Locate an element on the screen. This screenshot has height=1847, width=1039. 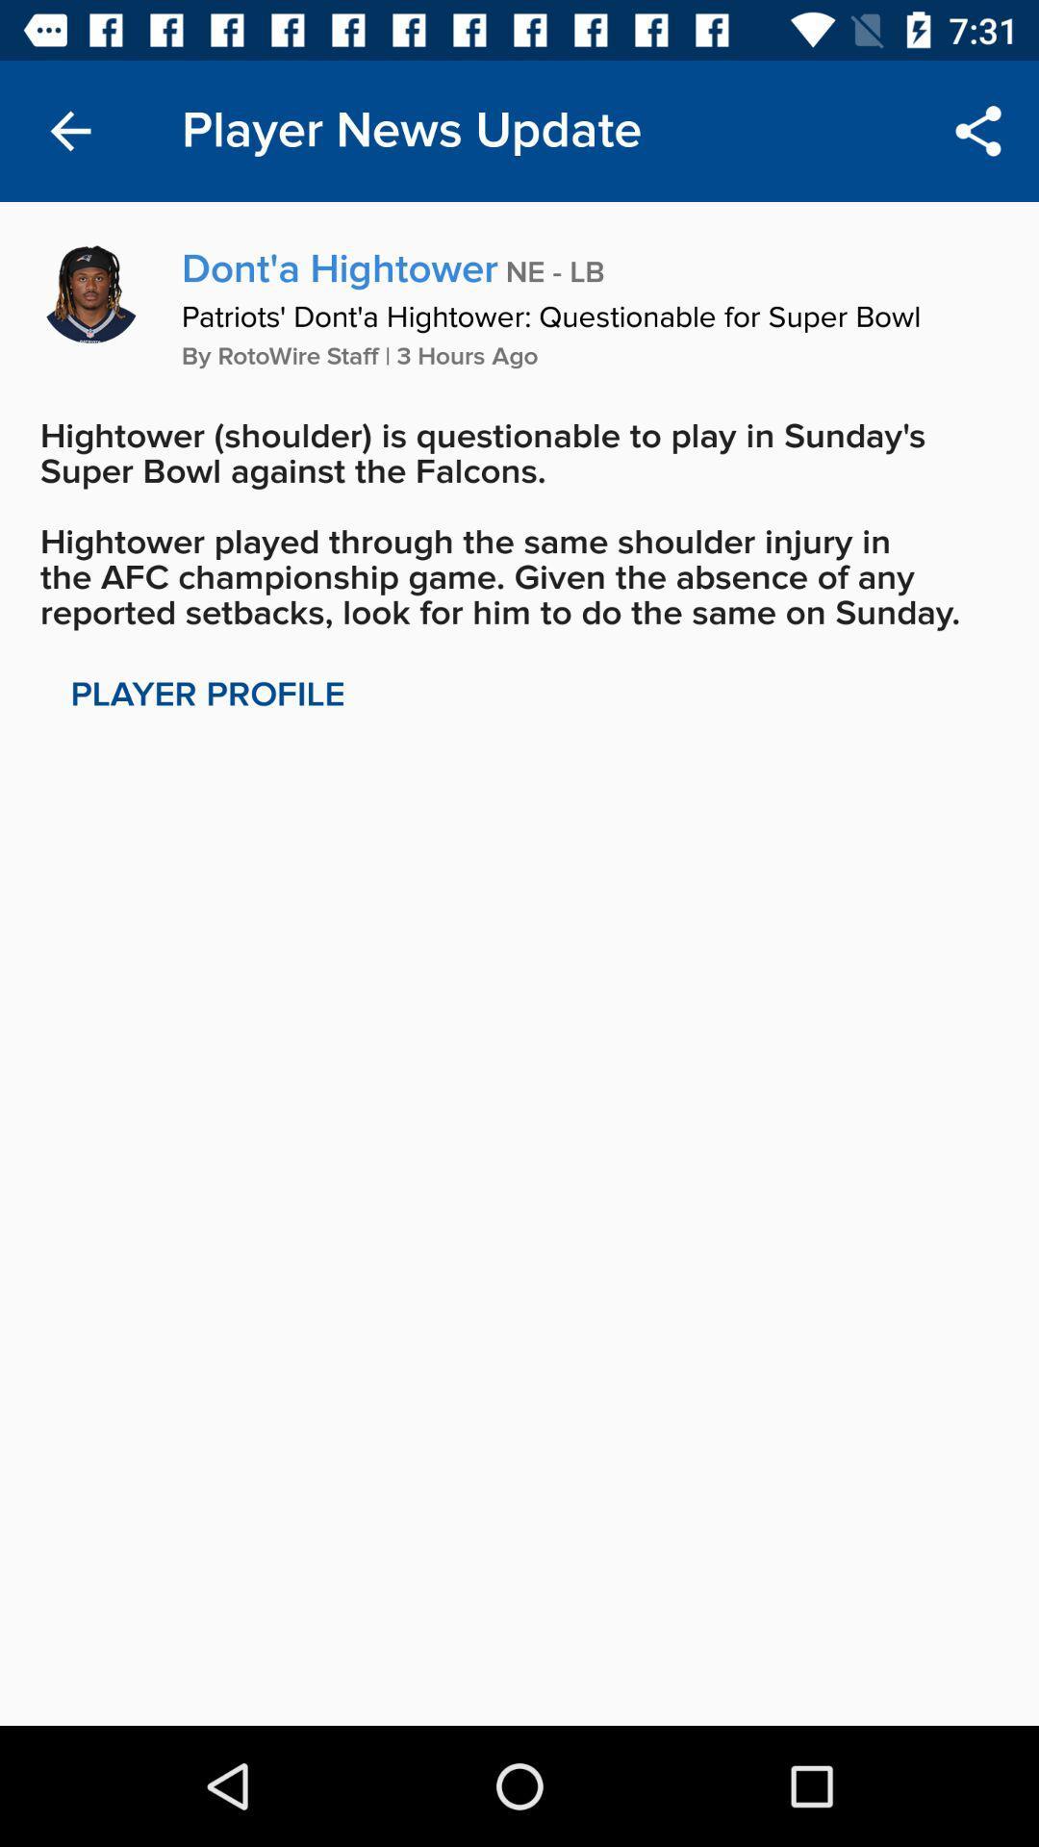
item to the right of player news update item is located at coordinates (978, 130).